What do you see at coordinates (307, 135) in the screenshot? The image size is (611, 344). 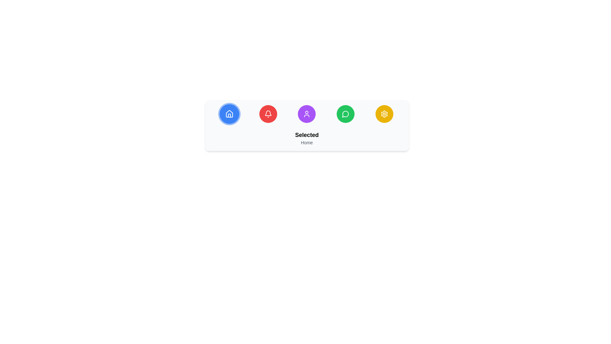 I see `the text label displaying 'Selected', which is styled in bold or semi-bold font and located beneath the navigation bar` at bounding box center [307, 135].